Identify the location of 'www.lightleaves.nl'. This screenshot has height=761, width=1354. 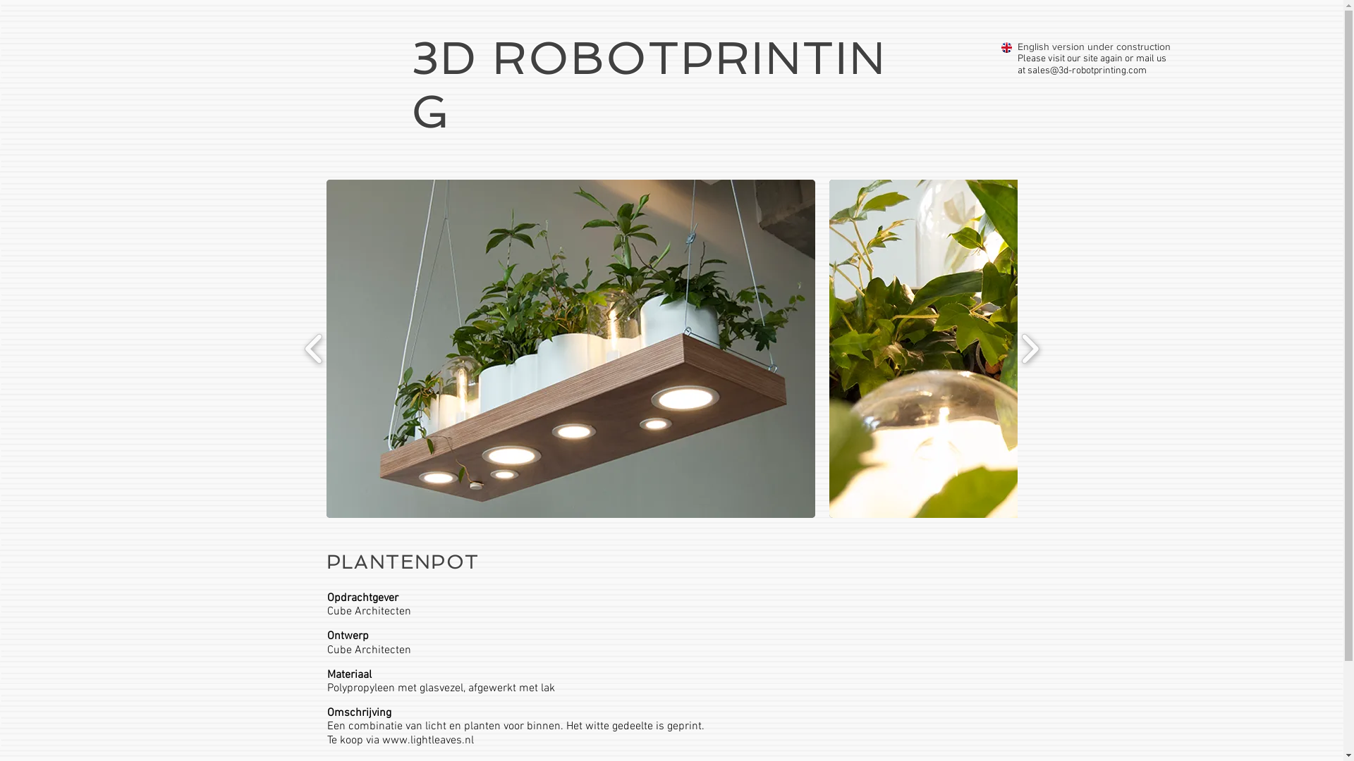
(427, 738).